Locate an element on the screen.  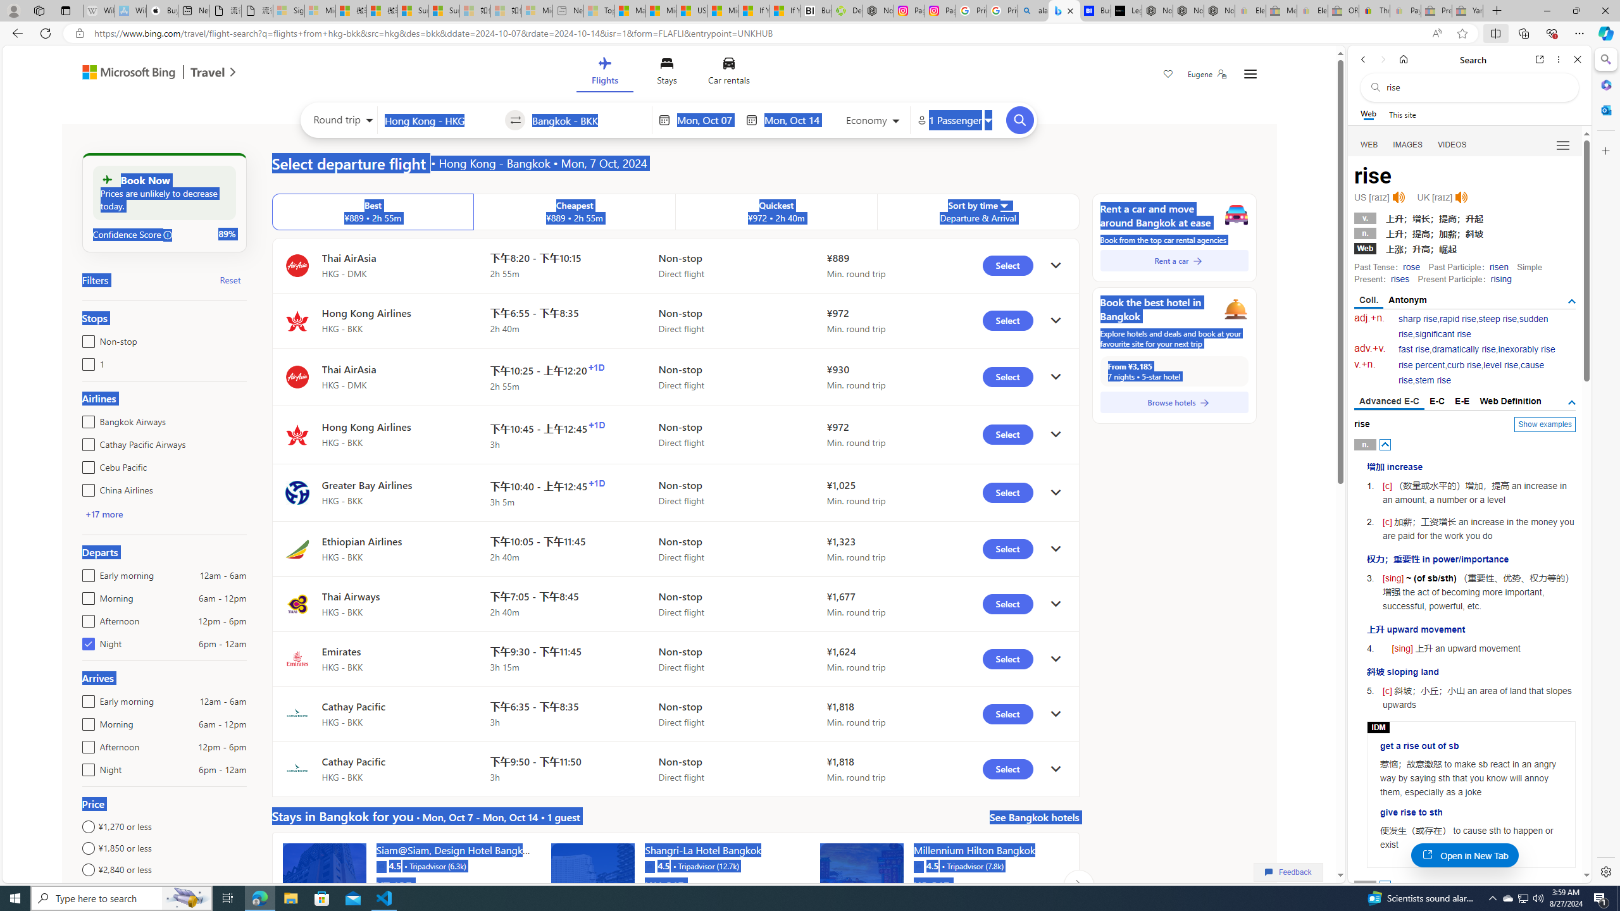
'Press Room - eBay Inc. - Sleeping' is located at coordinates (1436, 10).